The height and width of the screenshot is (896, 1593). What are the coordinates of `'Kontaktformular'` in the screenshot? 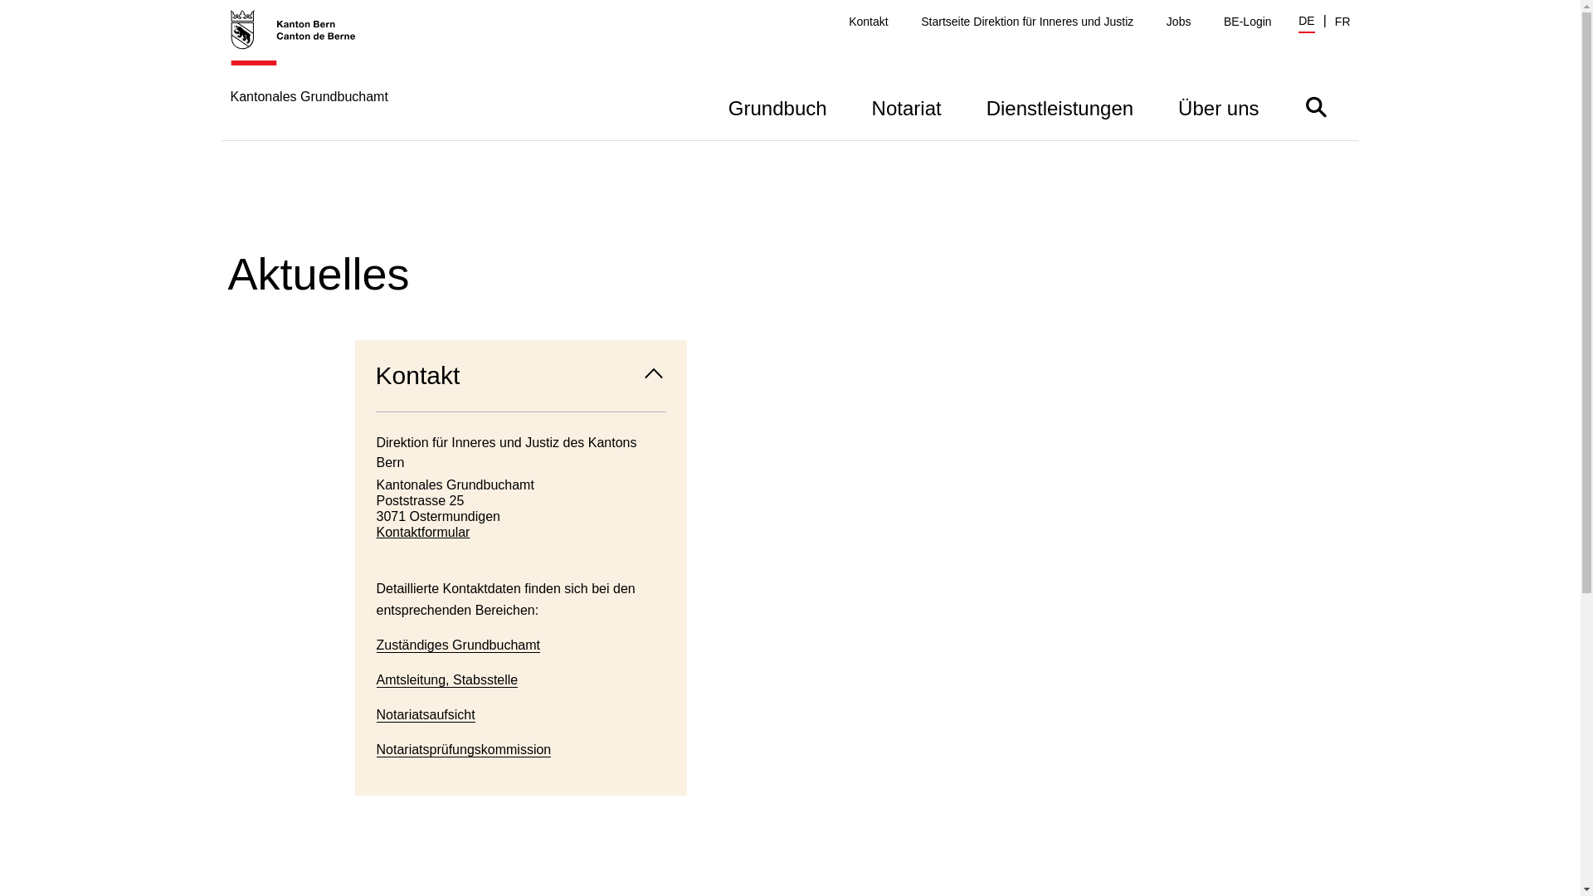 It's located at (520, 532).